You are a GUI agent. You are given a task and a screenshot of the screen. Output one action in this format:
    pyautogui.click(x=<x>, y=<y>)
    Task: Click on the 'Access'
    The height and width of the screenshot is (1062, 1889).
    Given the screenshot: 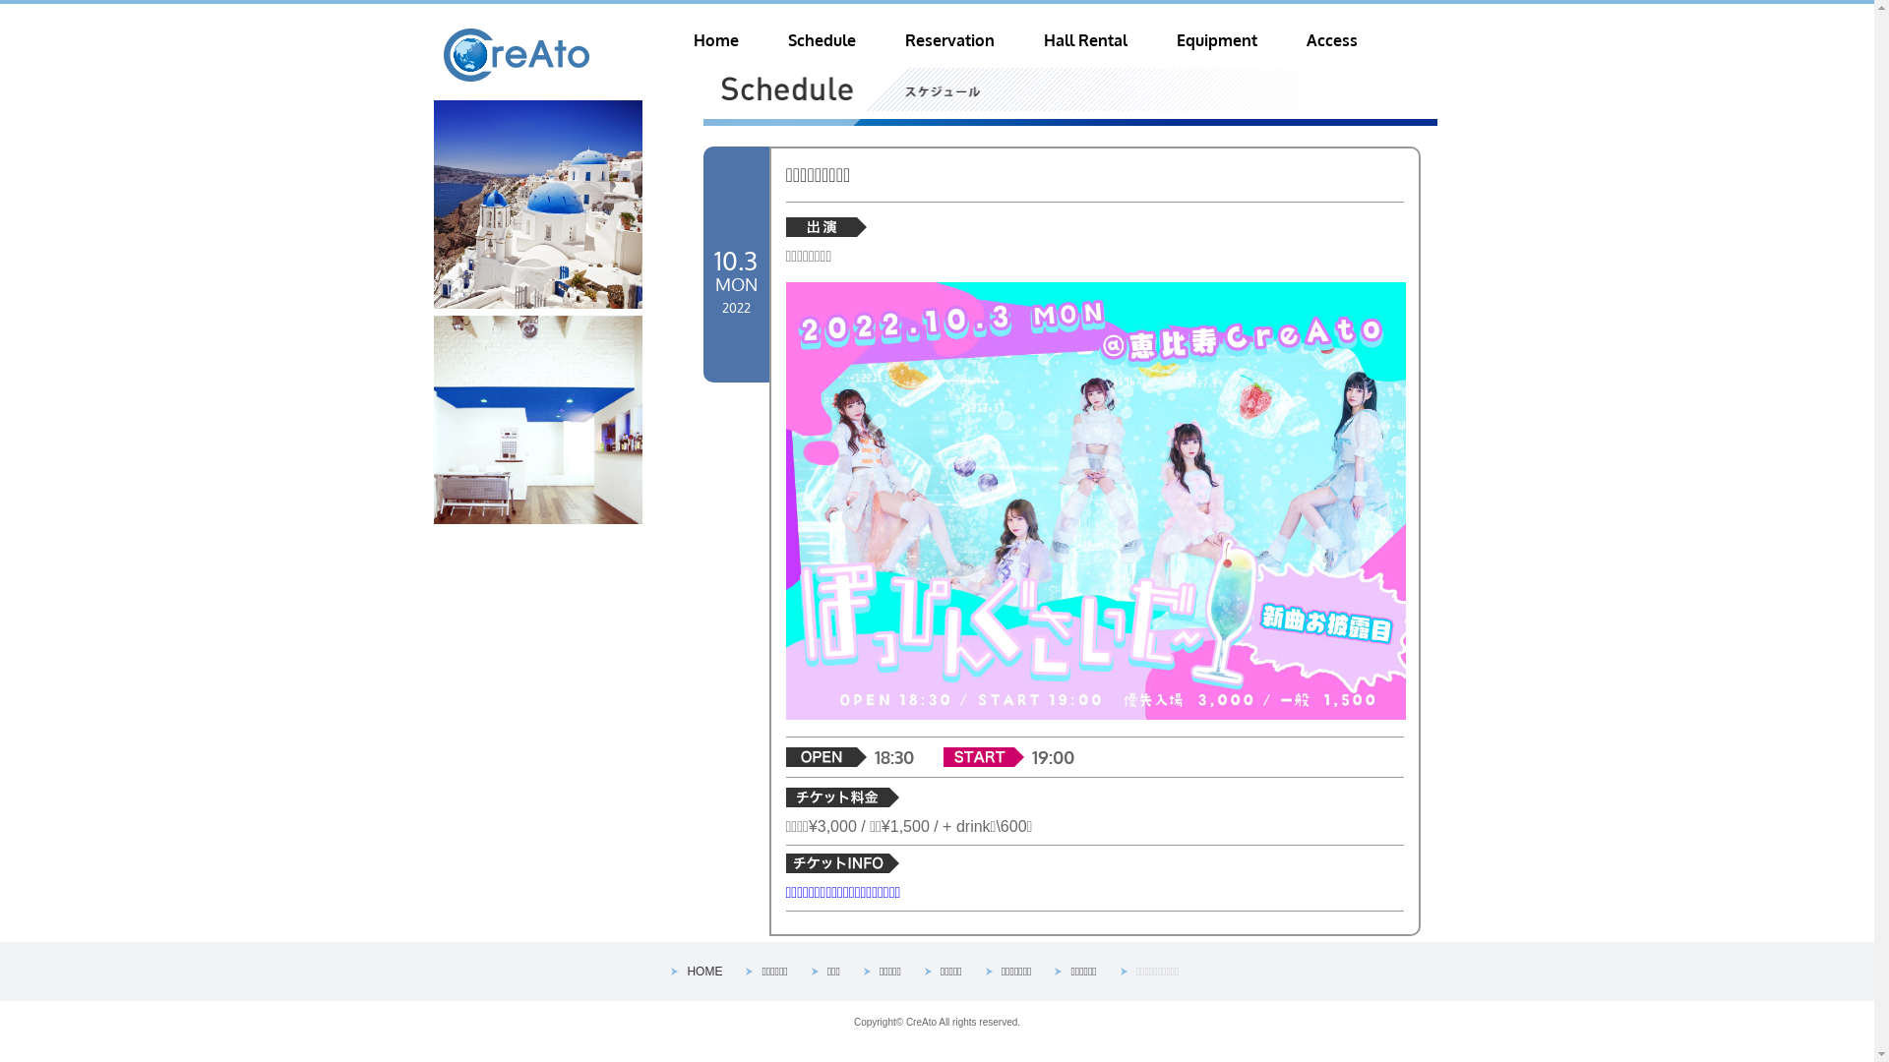 What is the action you would take?
    pyautogui.click(x=1331, y=40)
    